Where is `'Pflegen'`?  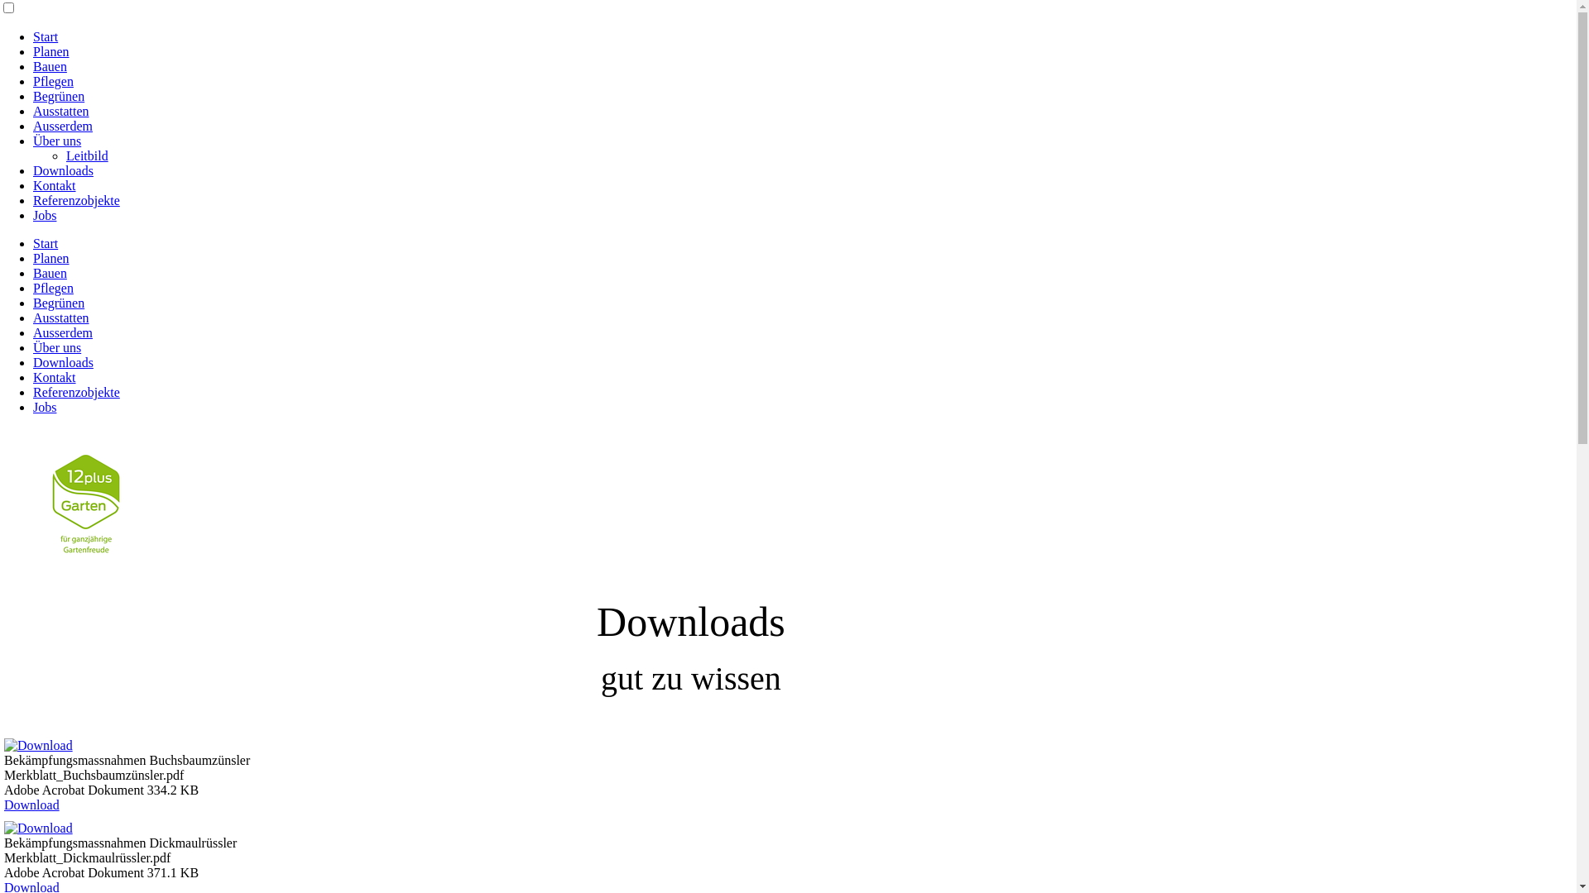
'Pflegen' is located at coordinates (53, 81).